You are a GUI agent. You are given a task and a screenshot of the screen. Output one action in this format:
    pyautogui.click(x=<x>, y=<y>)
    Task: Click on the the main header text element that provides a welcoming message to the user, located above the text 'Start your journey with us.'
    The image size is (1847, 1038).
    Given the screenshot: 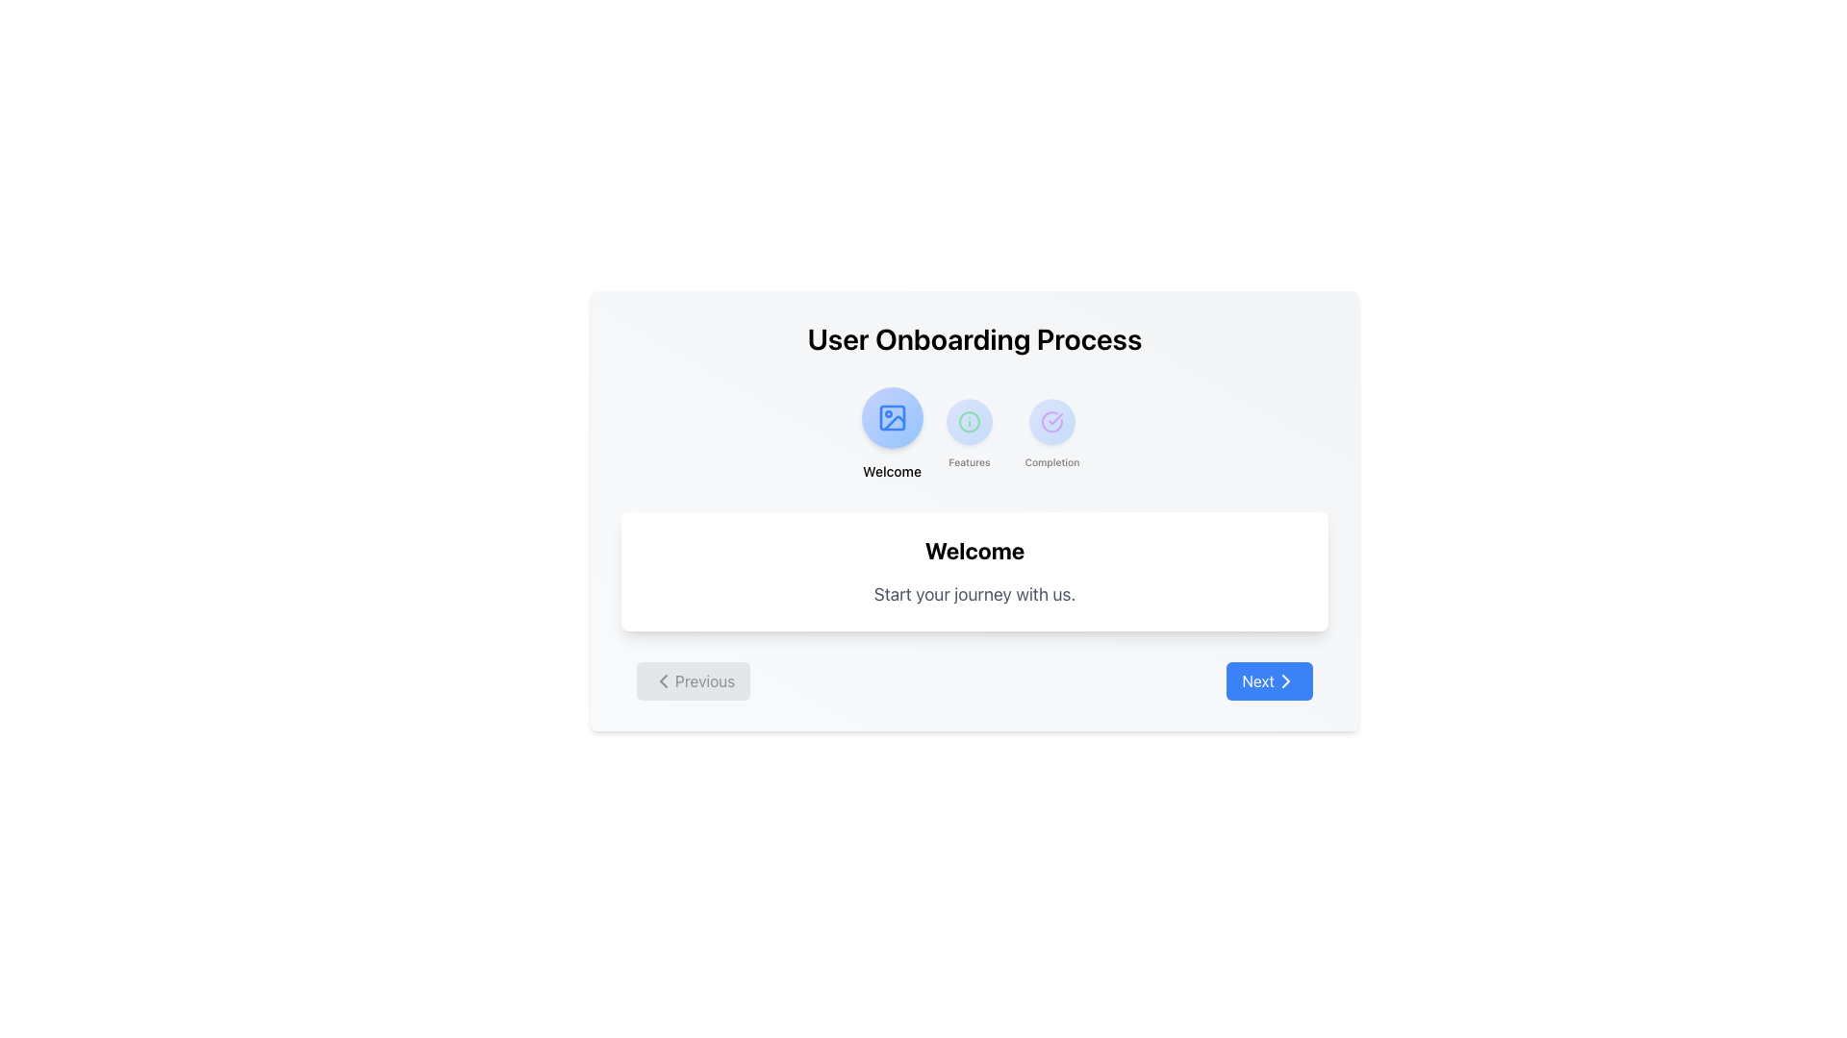 What is the action you would take?
    pyautogui.click(x=974, y=551)
    